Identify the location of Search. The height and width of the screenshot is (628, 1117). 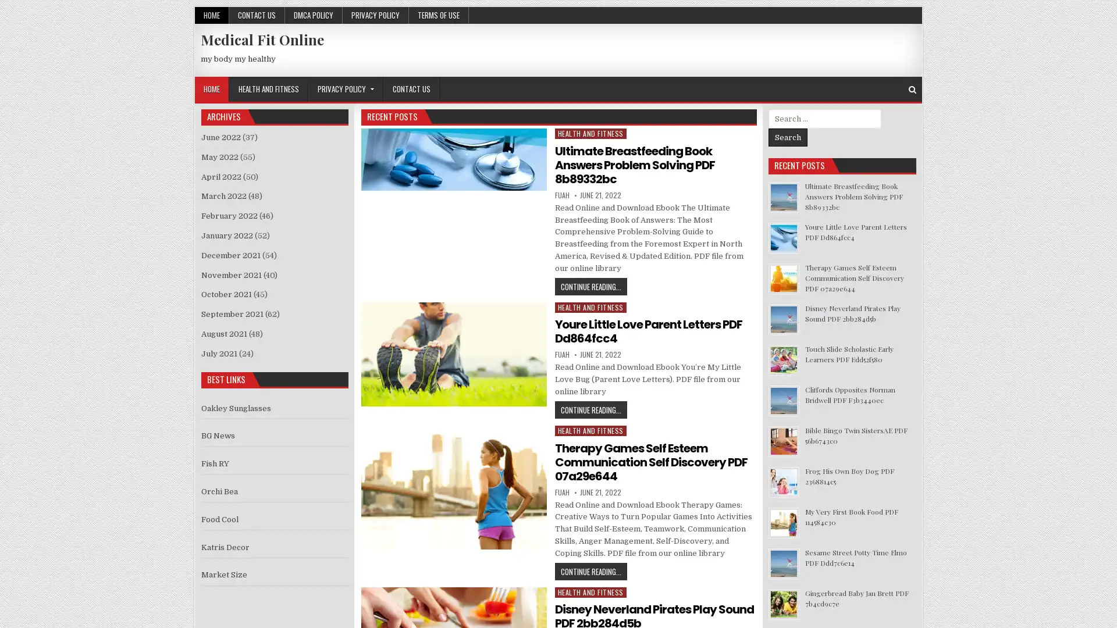
(788, 137).